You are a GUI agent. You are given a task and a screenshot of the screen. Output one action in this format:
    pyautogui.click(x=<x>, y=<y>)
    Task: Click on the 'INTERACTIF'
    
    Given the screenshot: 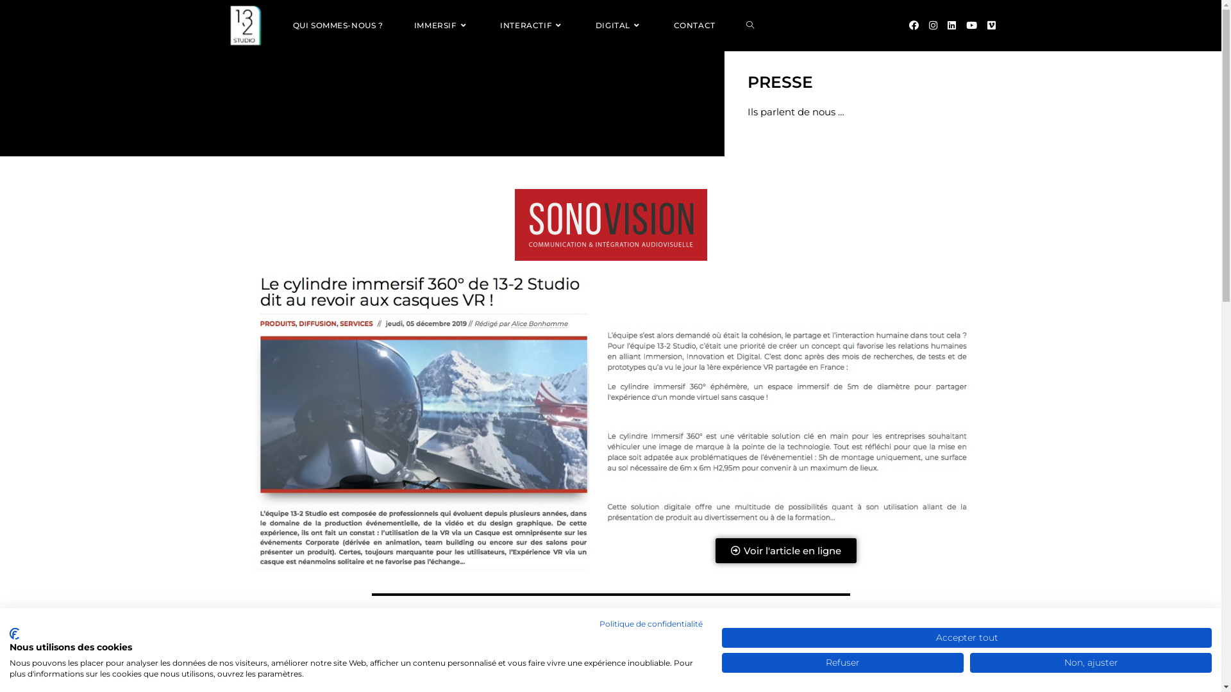 What is the action you would take?
    pyautogui.click(x=532, y=25)
    